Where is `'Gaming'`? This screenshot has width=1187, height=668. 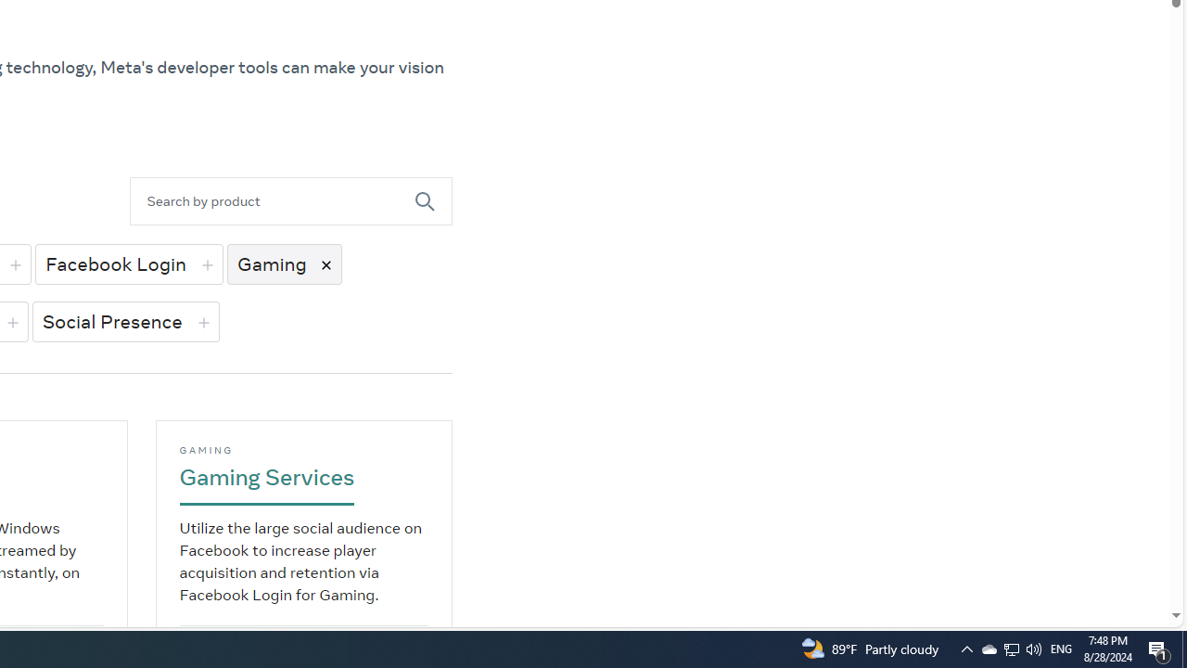 'Gaming' is located at coordinates (283, 263).